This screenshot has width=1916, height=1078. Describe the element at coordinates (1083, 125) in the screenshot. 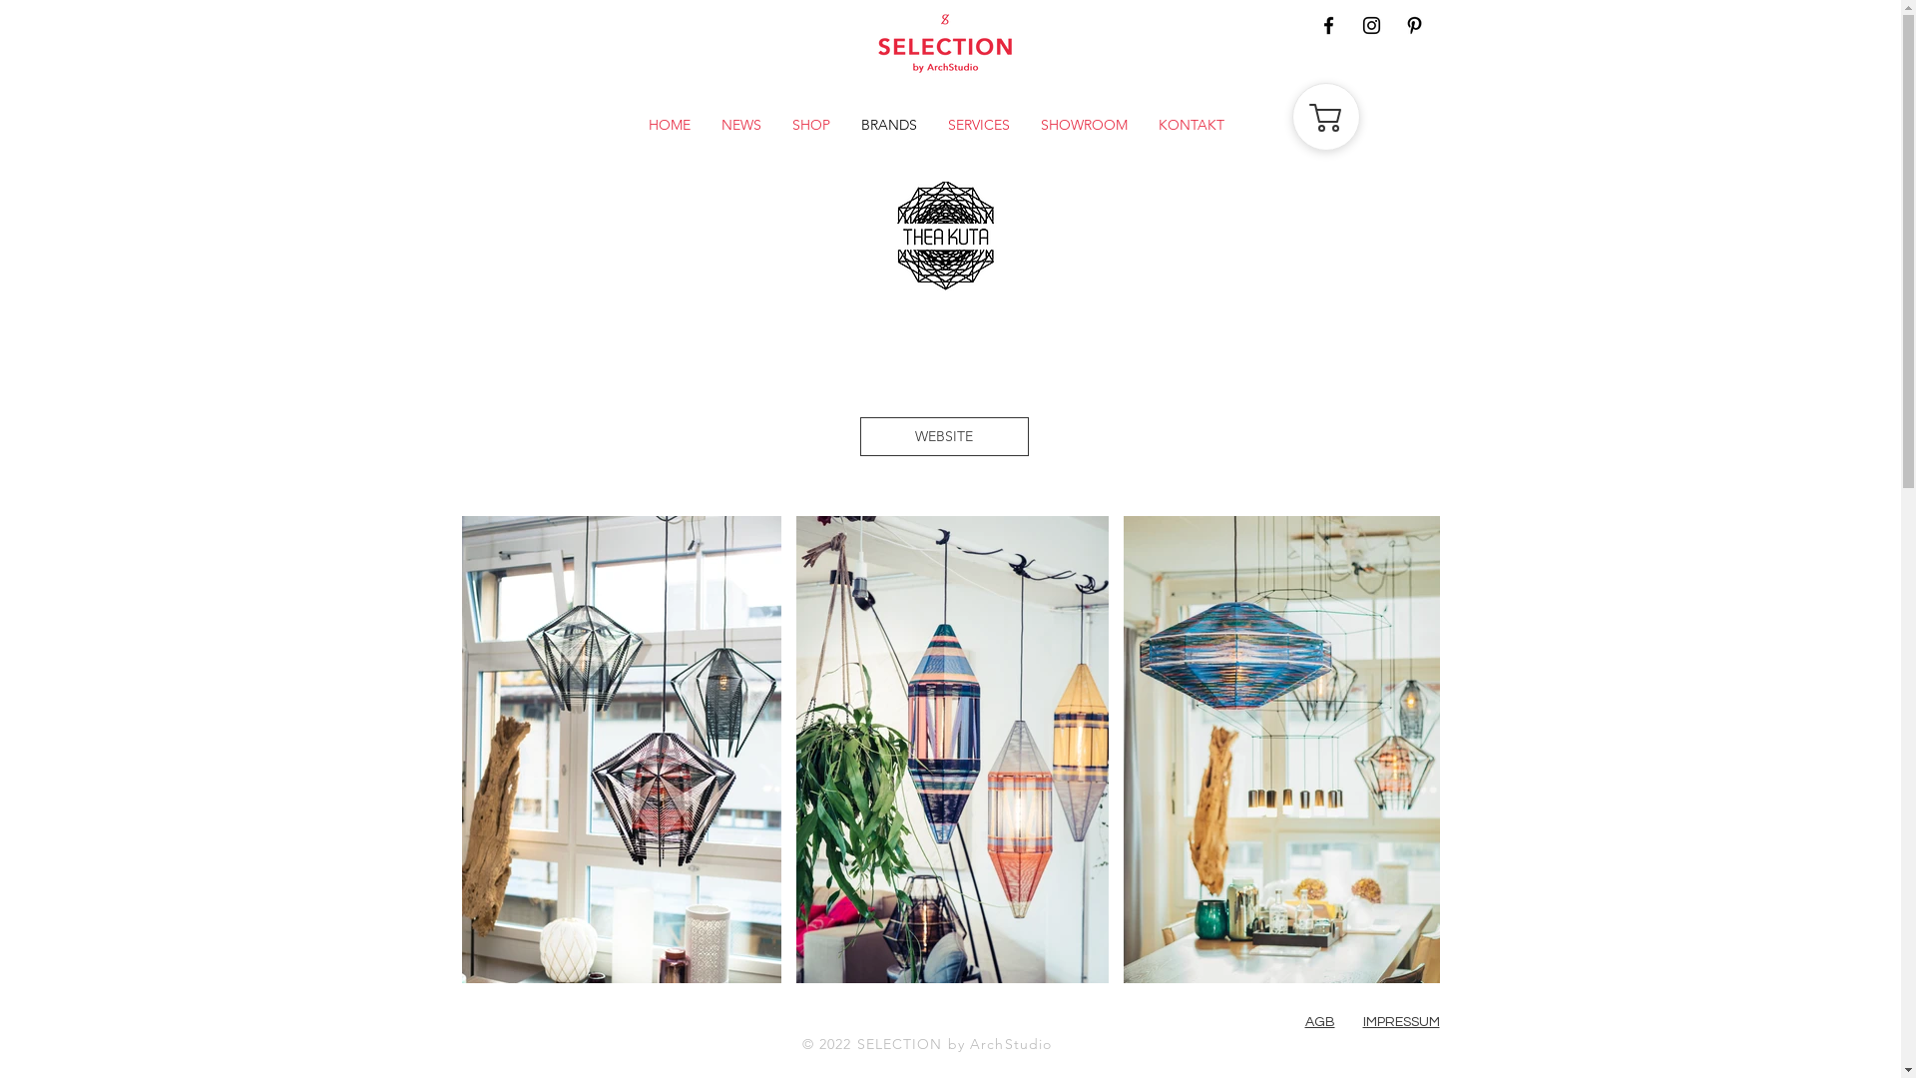

I see `'SHOWROOM'` at that location.